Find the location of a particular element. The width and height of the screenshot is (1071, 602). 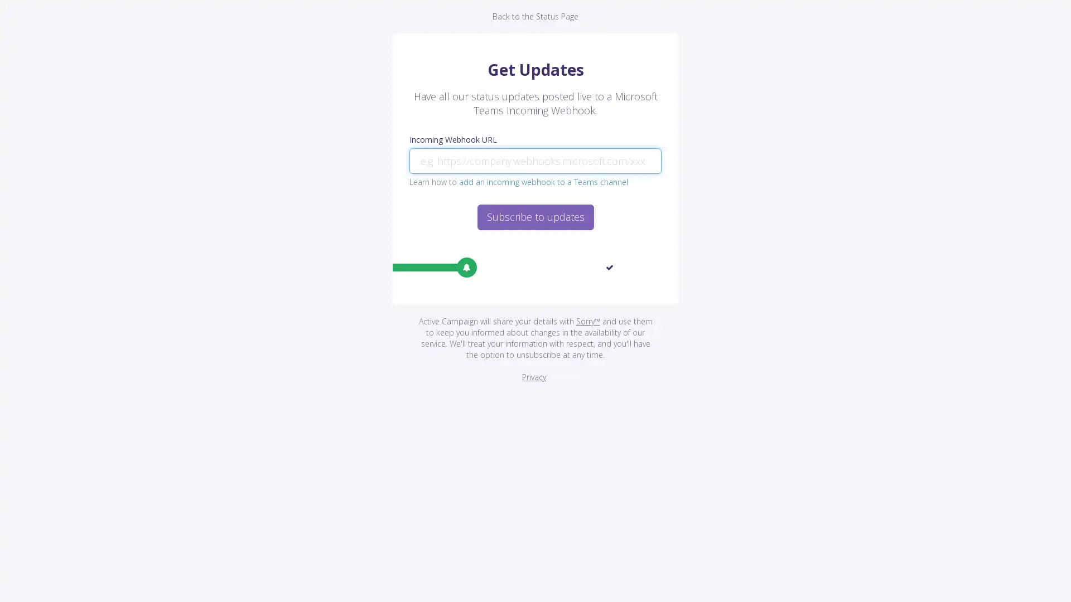

Subscribe to updates is located at coordinates (534, 217).